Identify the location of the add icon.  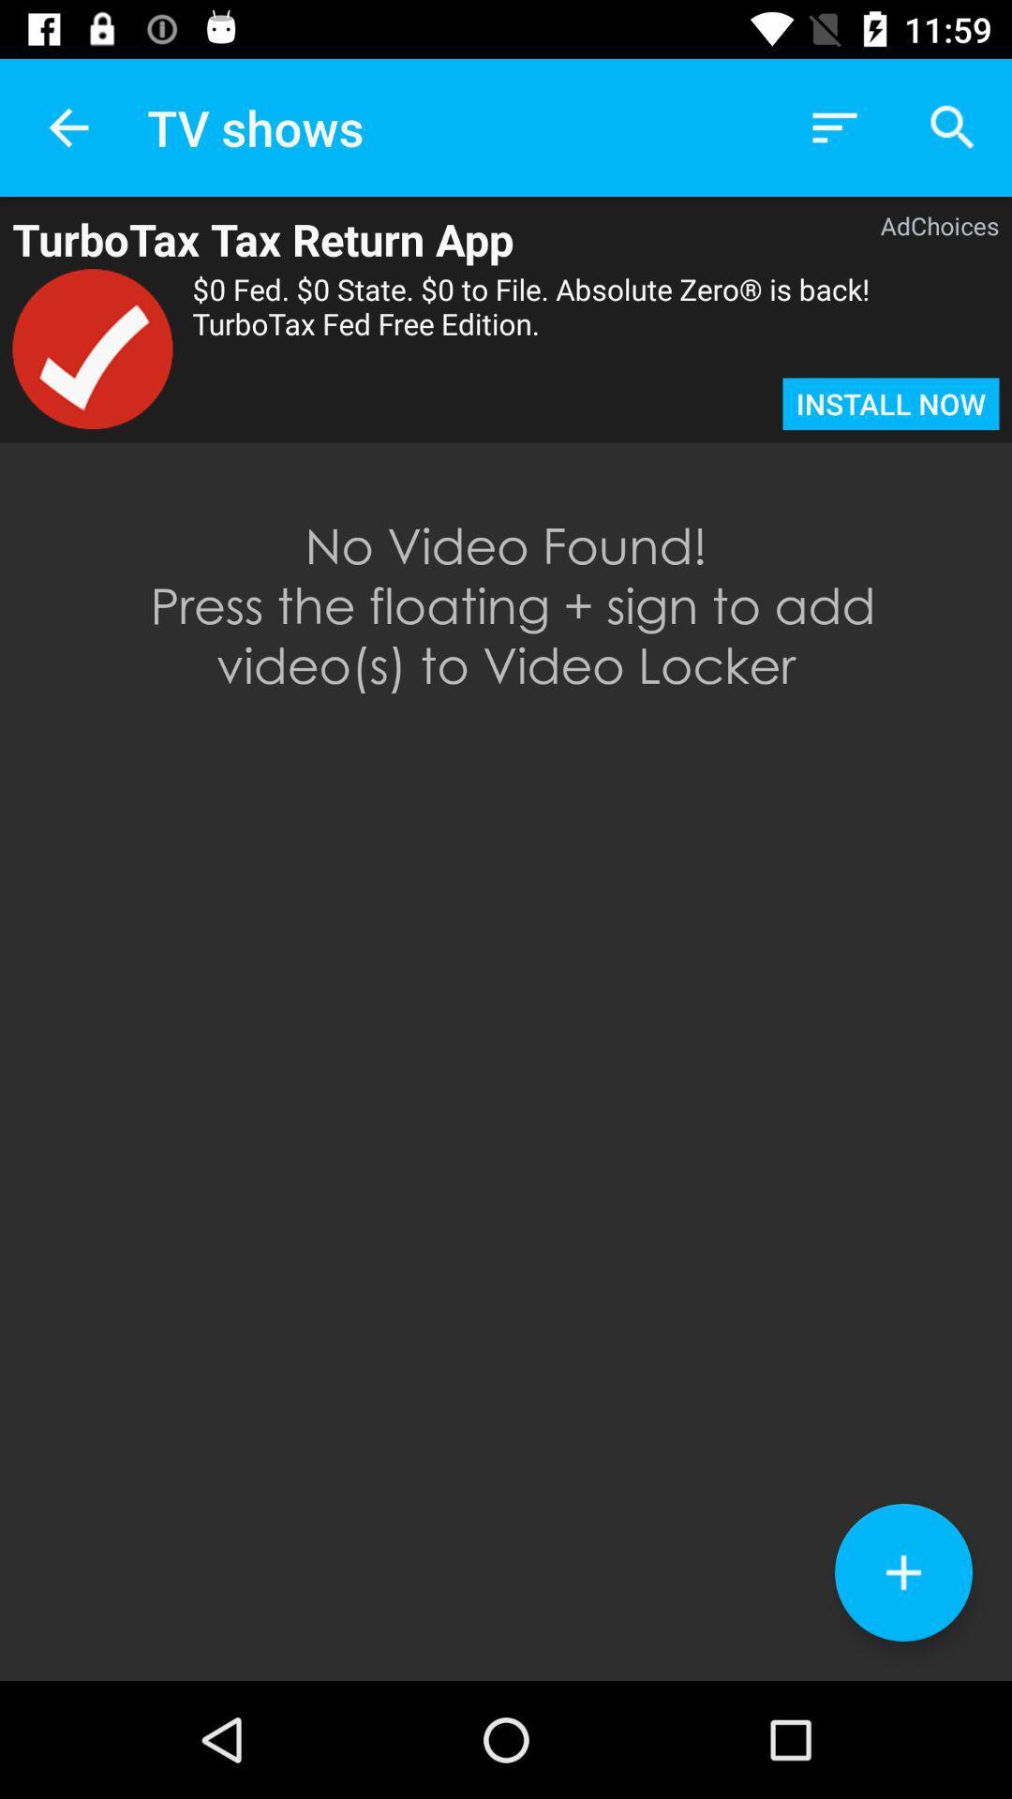
(902, 1572).